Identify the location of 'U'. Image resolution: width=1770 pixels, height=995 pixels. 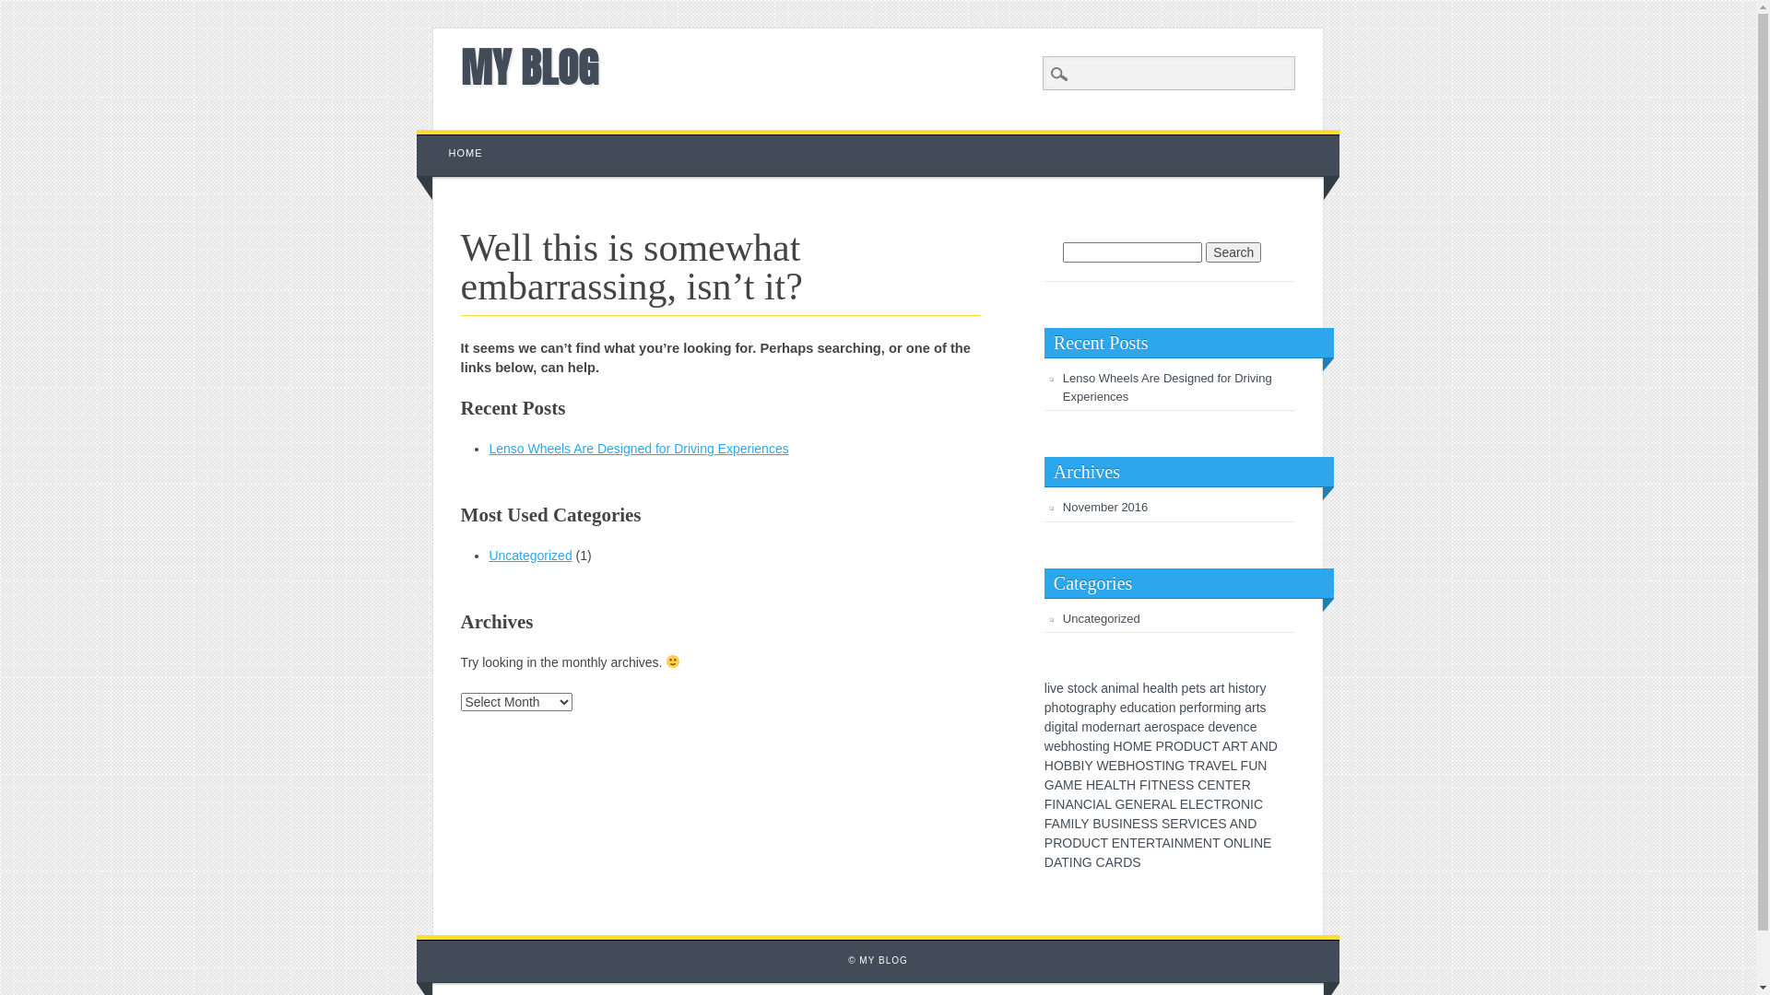
(1106, 823).